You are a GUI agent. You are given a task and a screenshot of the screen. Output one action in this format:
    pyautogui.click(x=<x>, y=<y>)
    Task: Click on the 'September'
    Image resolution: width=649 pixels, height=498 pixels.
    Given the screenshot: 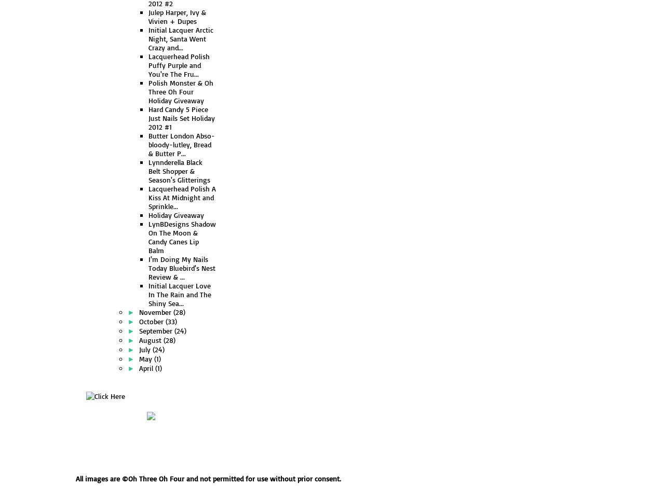 What is the action you would take?
    pyautogui.click(x=157, y=330)
    